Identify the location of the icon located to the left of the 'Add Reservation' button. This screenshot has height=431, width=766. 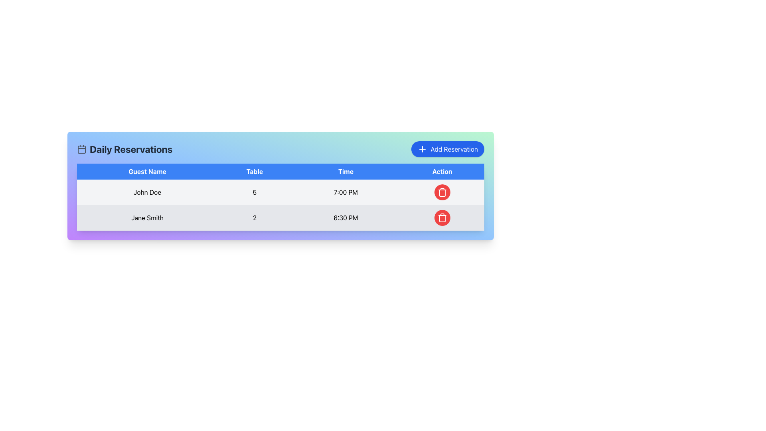
(422, 149).